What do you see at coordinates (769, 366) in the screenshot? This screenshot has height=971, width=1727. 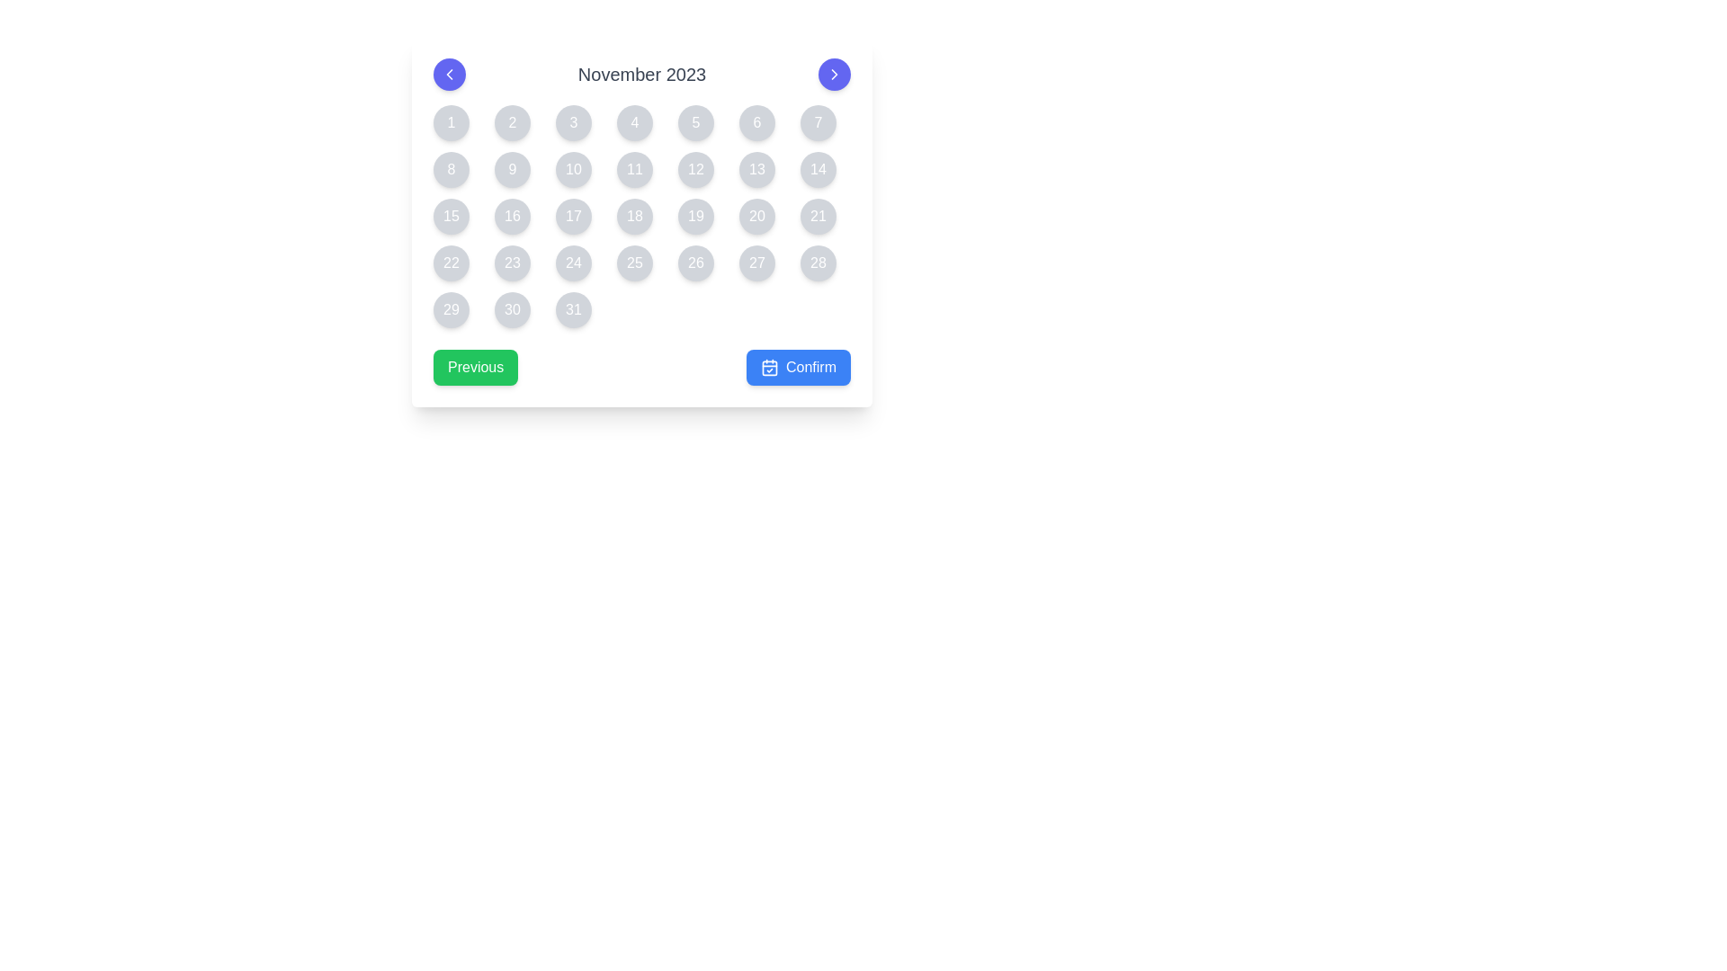 I see `the blue button containing the small calendar icon with a check mark` at bounding box center [769, 366].